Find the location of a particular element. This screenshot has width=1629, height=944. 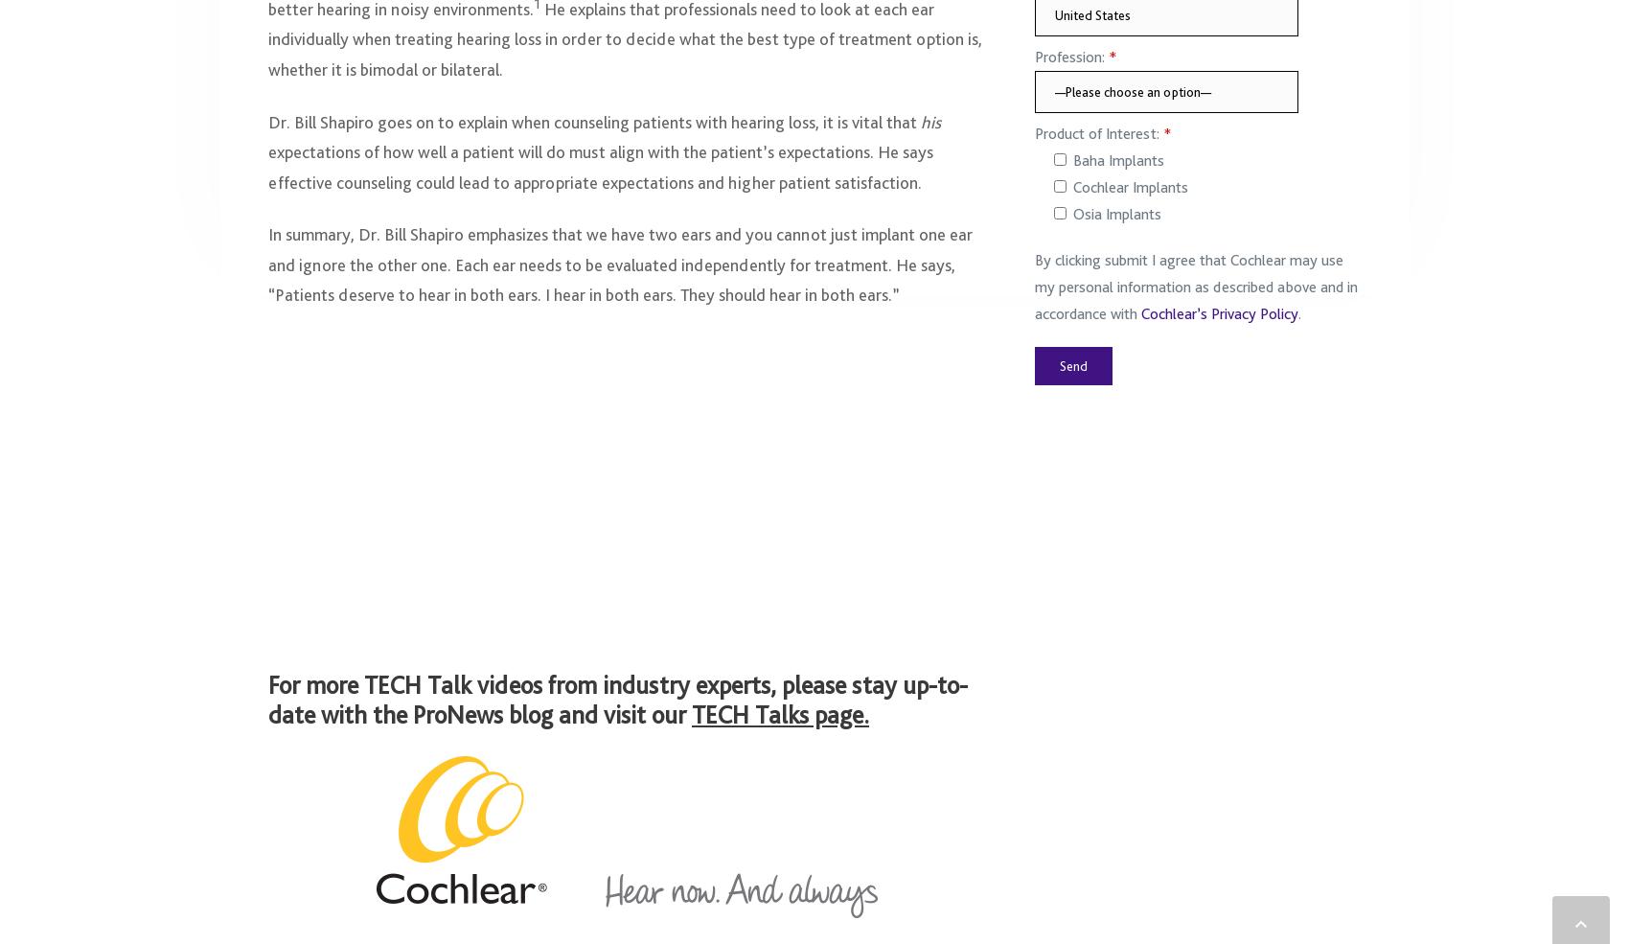

'Osia Implants' is located at coordinates (1117, 222).